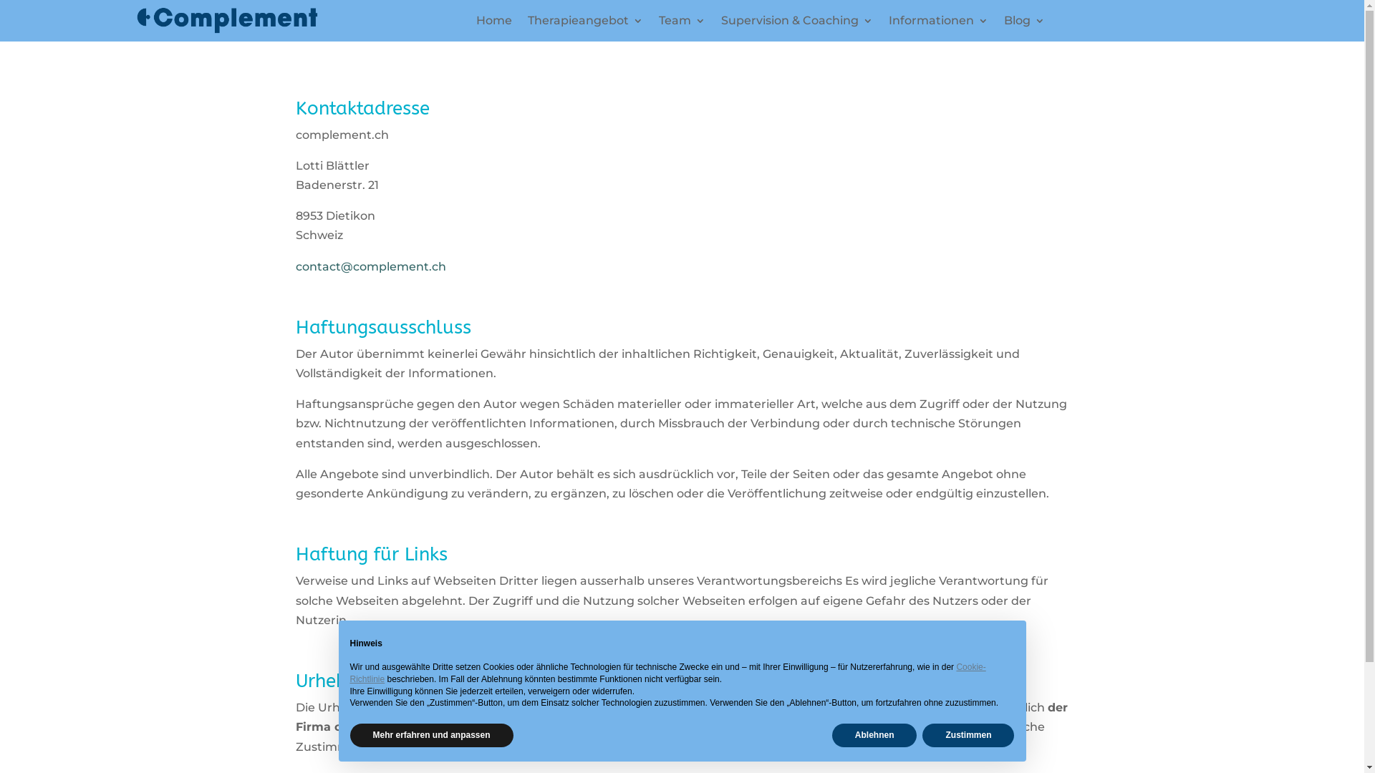  I want to click on 'contact@complement.ch', so click(370, 266).